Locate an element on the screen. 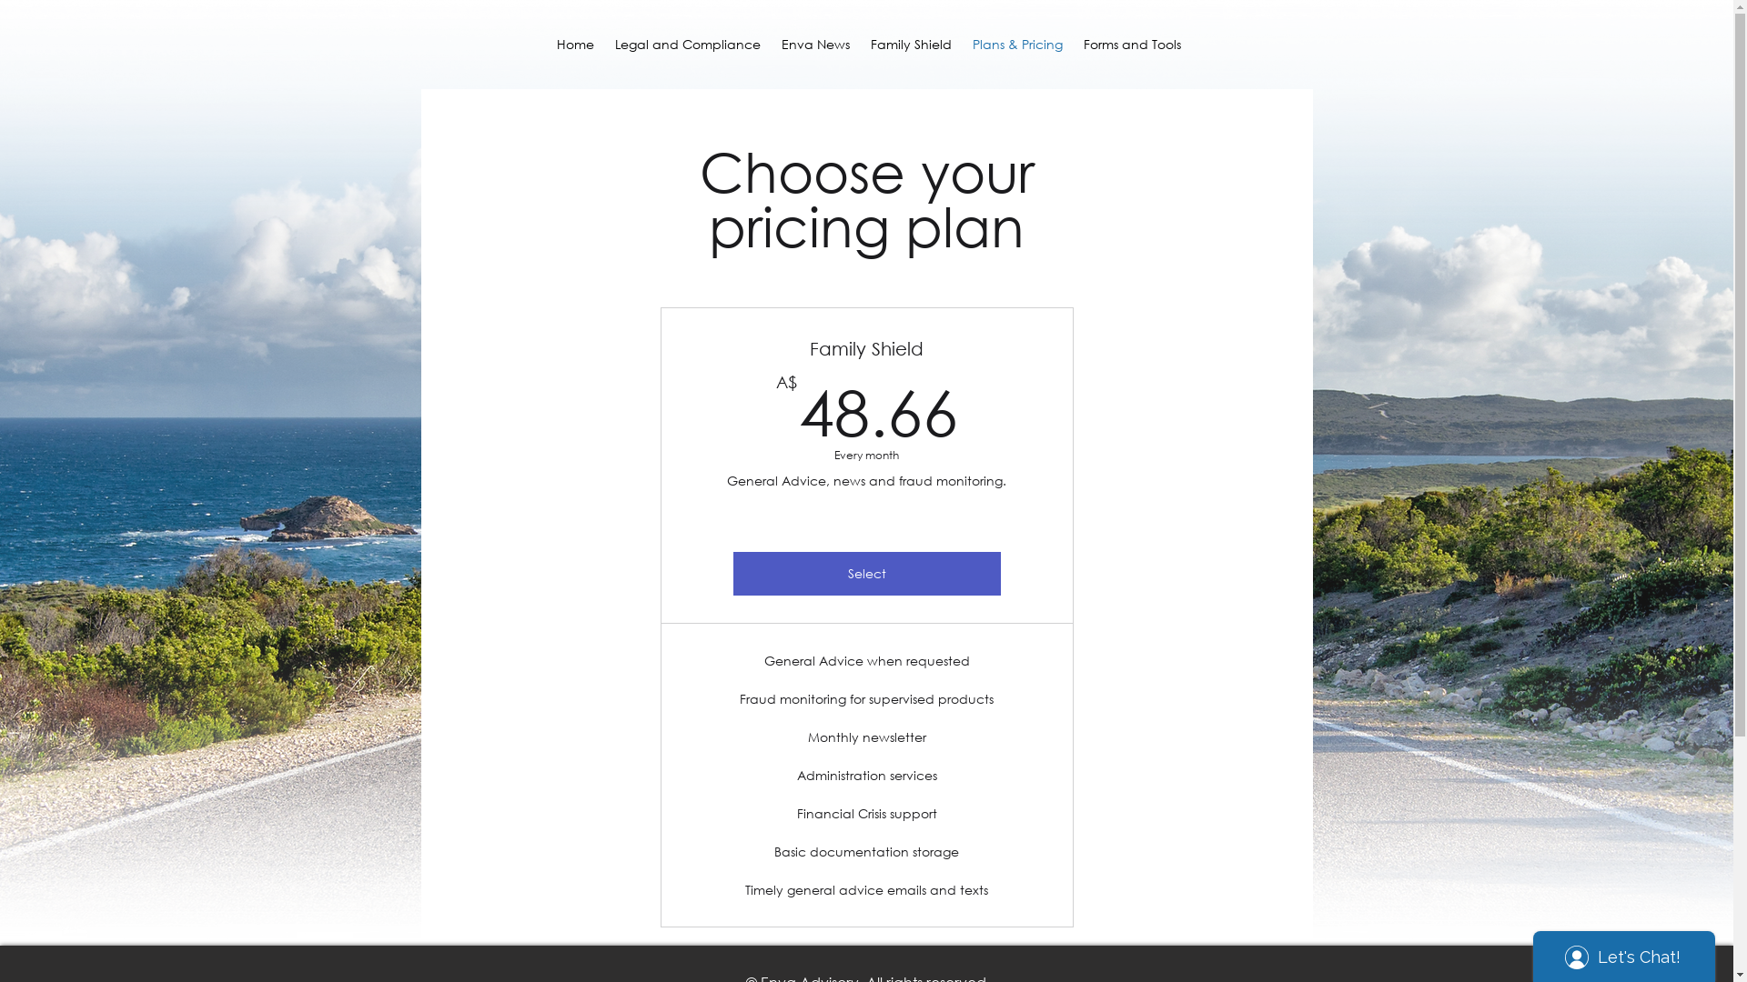 The height and width of the screenshot is (982, 1747). 'Plans & Pricing' is located at coordinates (961, 44).